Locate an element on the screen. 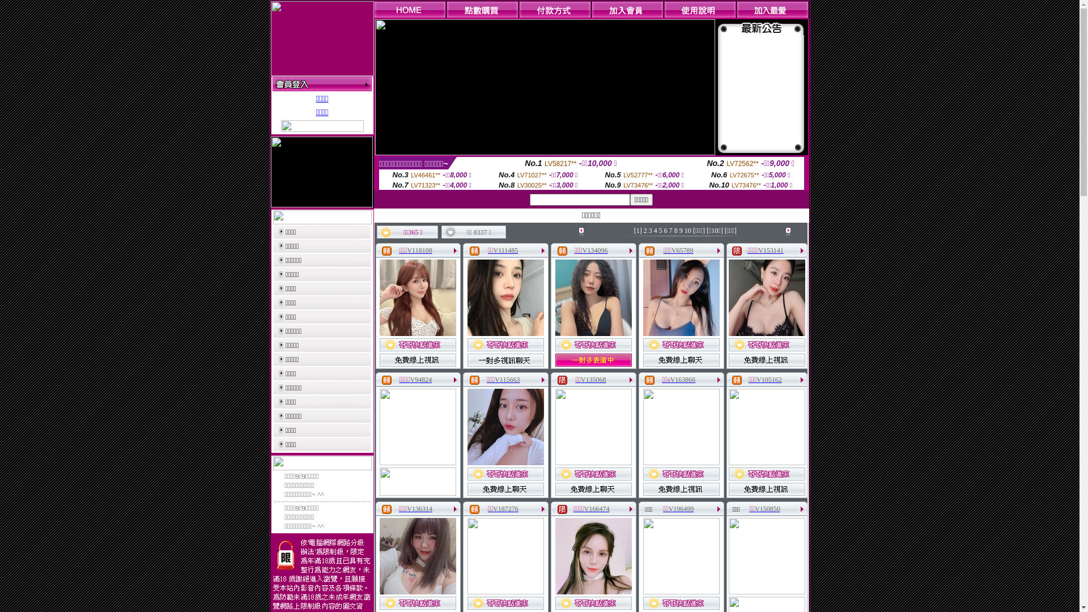 Image resolution: width=1088 pixels, height=612 pixels. 'V111485' is located at coordinates (505, 250).